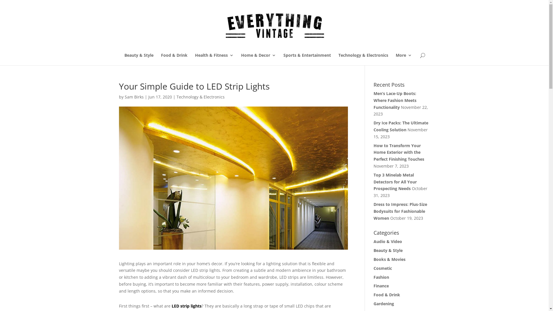  I want to click on 'Audio & Video', so click(388, 241).